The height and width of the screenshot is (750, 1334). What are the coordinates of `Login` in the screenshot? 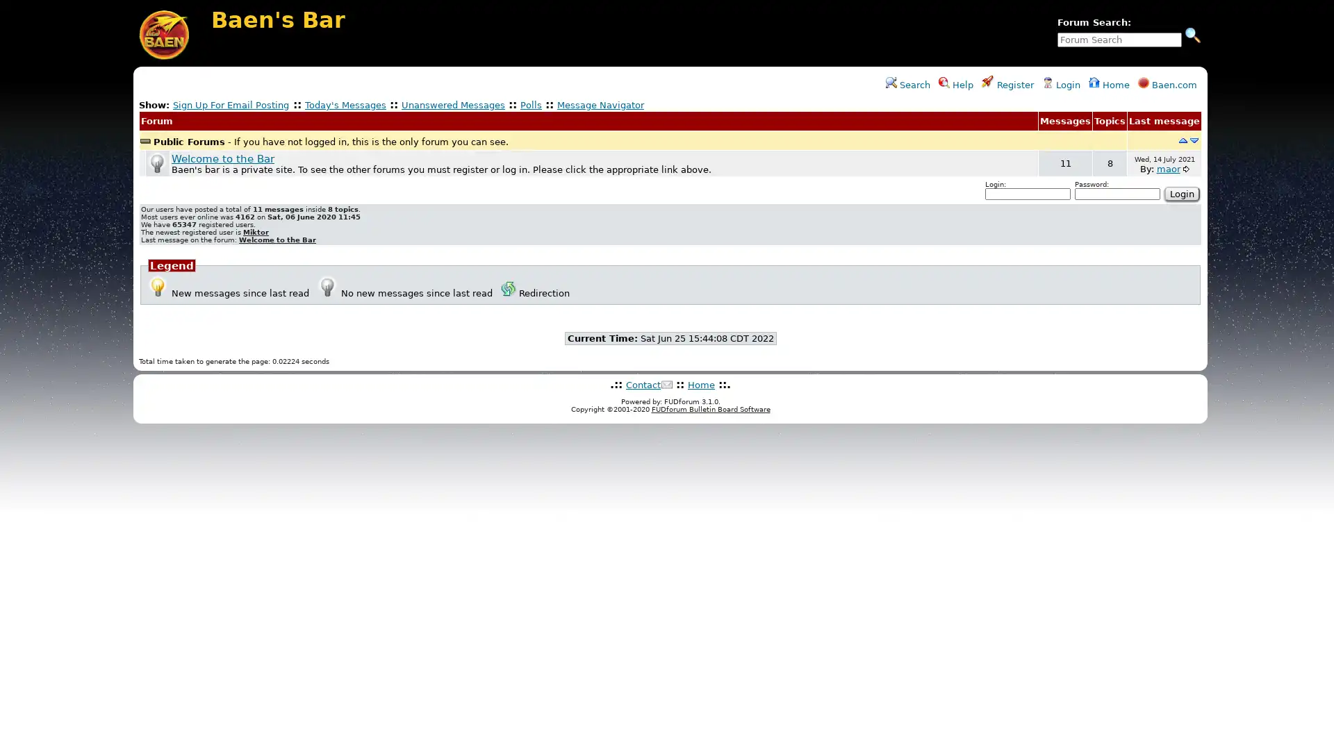 It's located at (1181, 194).